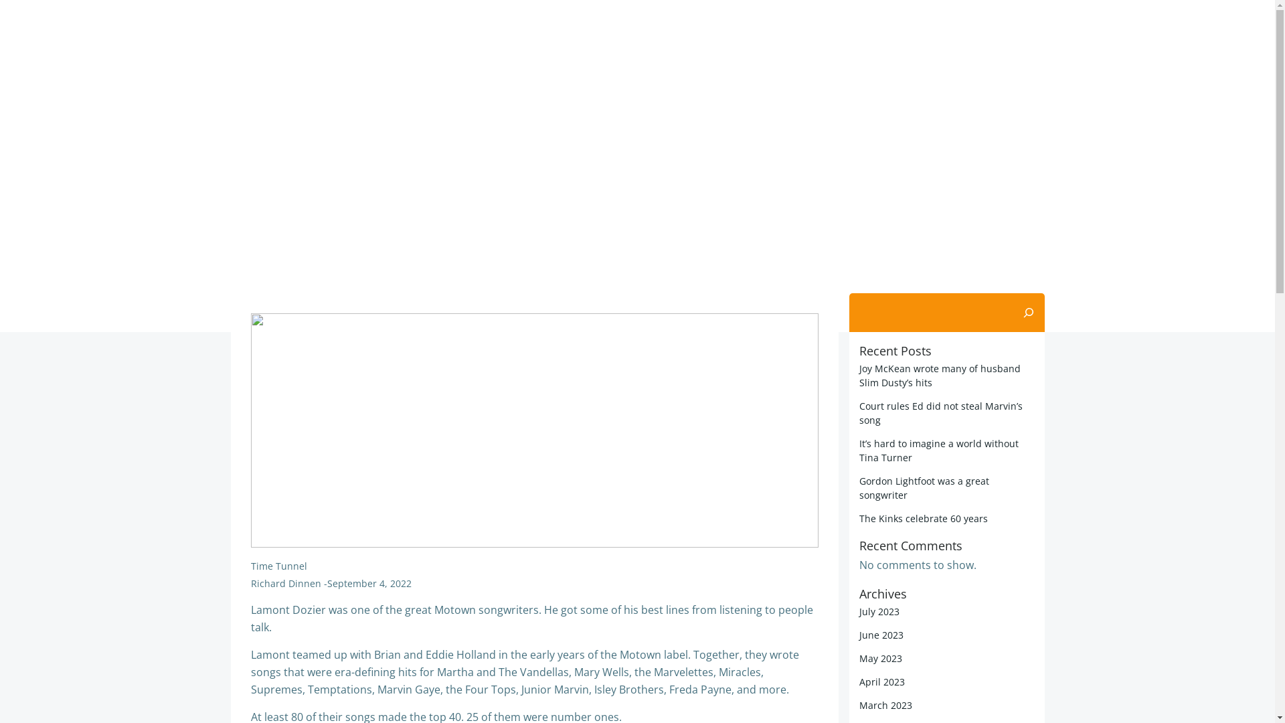 Image resolution: width=1285 pixels, height=723 pixels. Describe the element at coordinates (880, 657) in the screenshot. I see `'May 2023'` at that location.